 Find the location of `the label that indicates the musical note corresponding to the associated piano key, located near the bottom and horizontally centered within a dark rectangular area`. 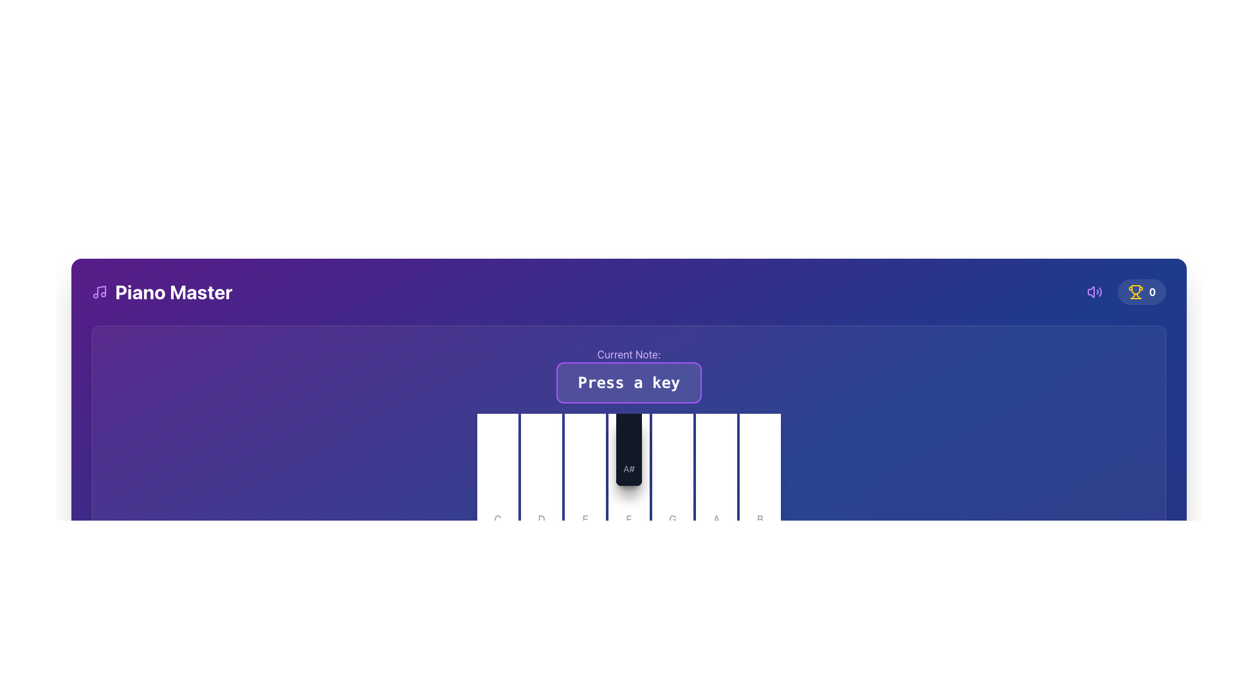

the label that indicates the musical note corresponding to the associated piano key, located near the bottom and horizontally centered within a dark rectangular area is located at coordinates (629, 469).